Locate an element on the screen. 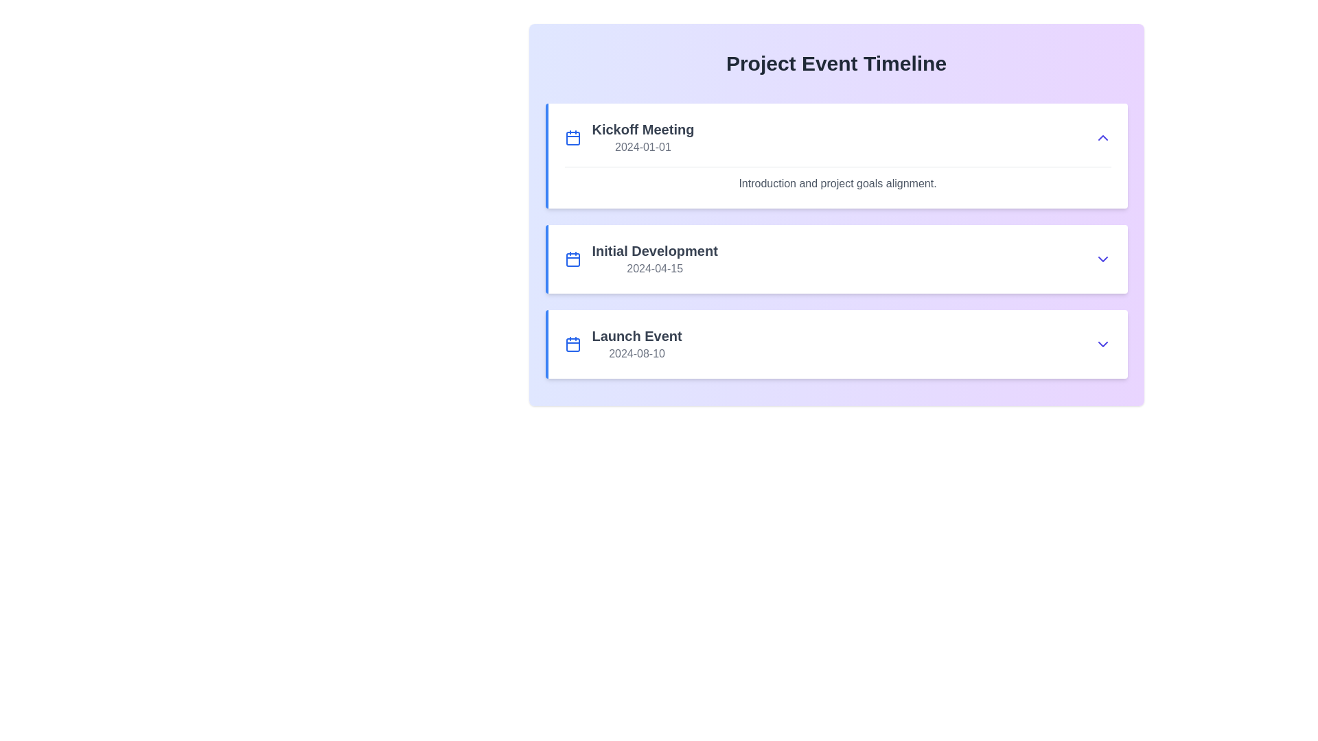  the dropdown toggle button, which is a small, downward-facing chevron icon with a blue outline, located next to the text 'Initial Development' and the date '2024-04-15' in the 'Project Event Timeline' interface is located at coordinates (1102, 259).